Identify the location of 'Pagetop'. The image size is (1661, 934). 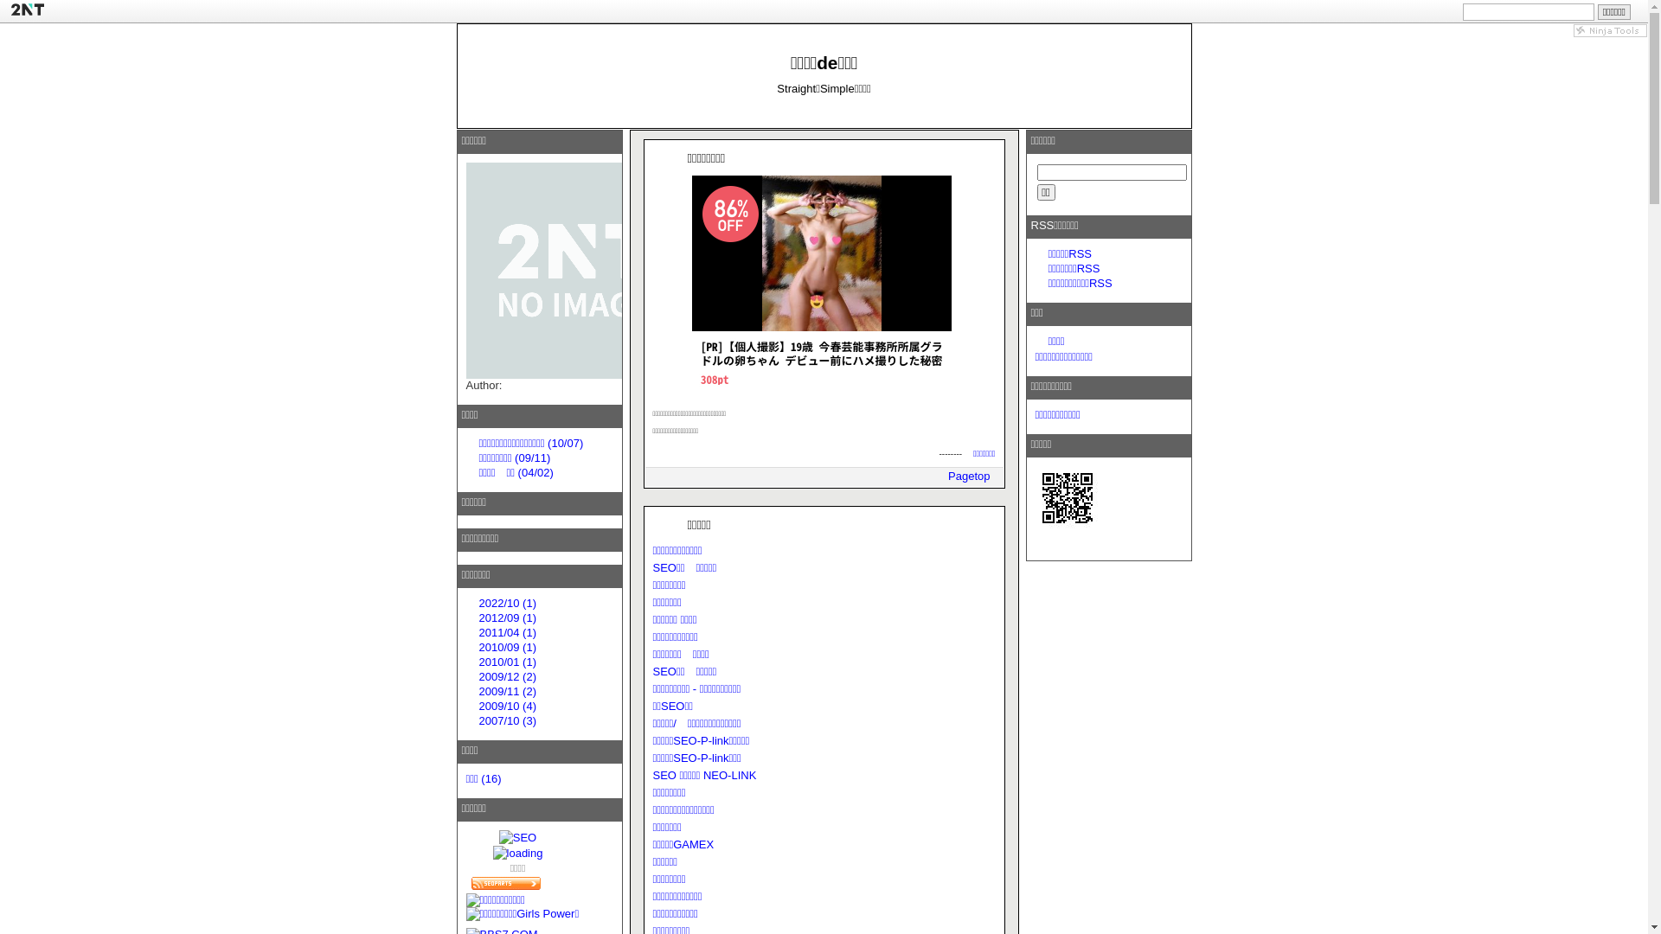
(967, 476).